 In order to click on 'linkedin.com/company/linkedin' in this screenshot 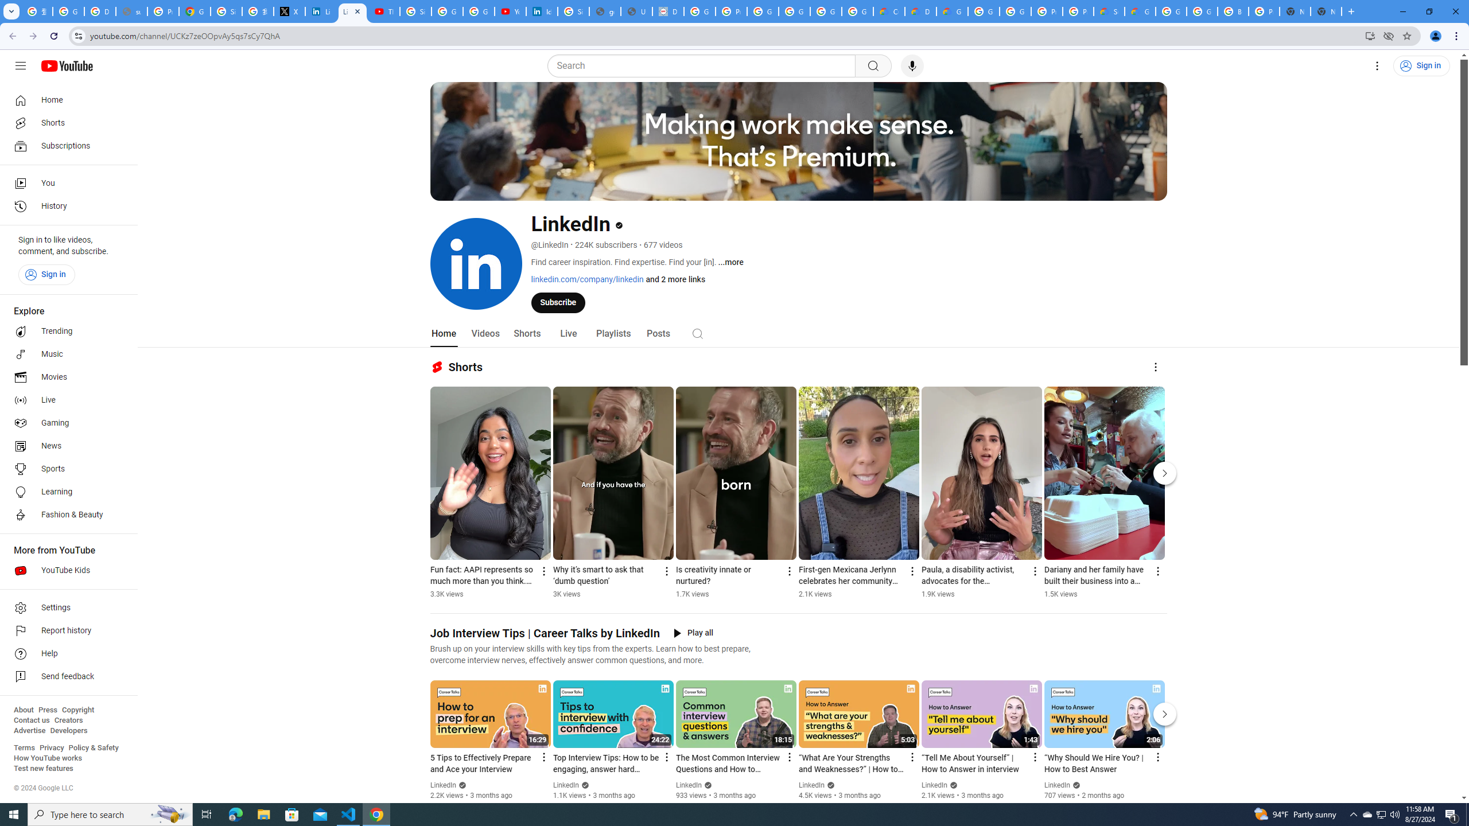, I will do `click(586, 279)`.